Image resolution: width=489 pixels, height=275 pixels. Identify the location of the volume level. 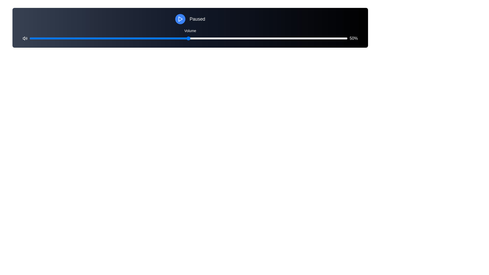
(179, 38).